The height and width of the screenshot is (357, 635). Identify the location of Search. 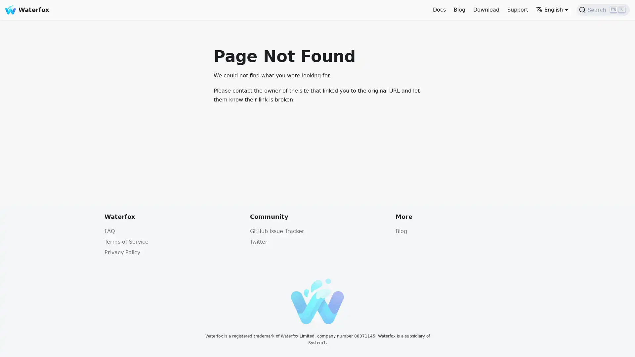
(603, 10).